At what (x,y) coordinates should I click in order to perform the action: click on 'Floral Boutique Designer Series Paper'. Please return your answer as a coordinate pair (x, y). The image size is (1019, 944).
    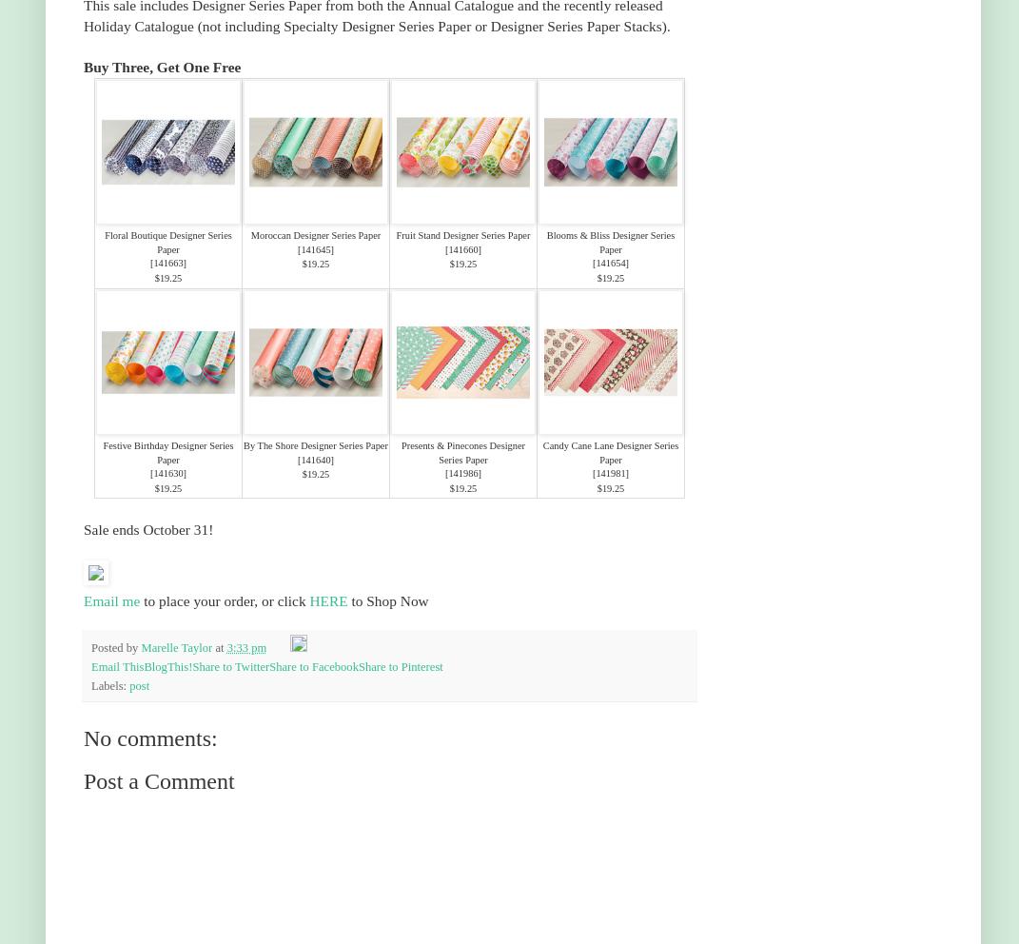
    Looking at the image, I should click on (104, 241).